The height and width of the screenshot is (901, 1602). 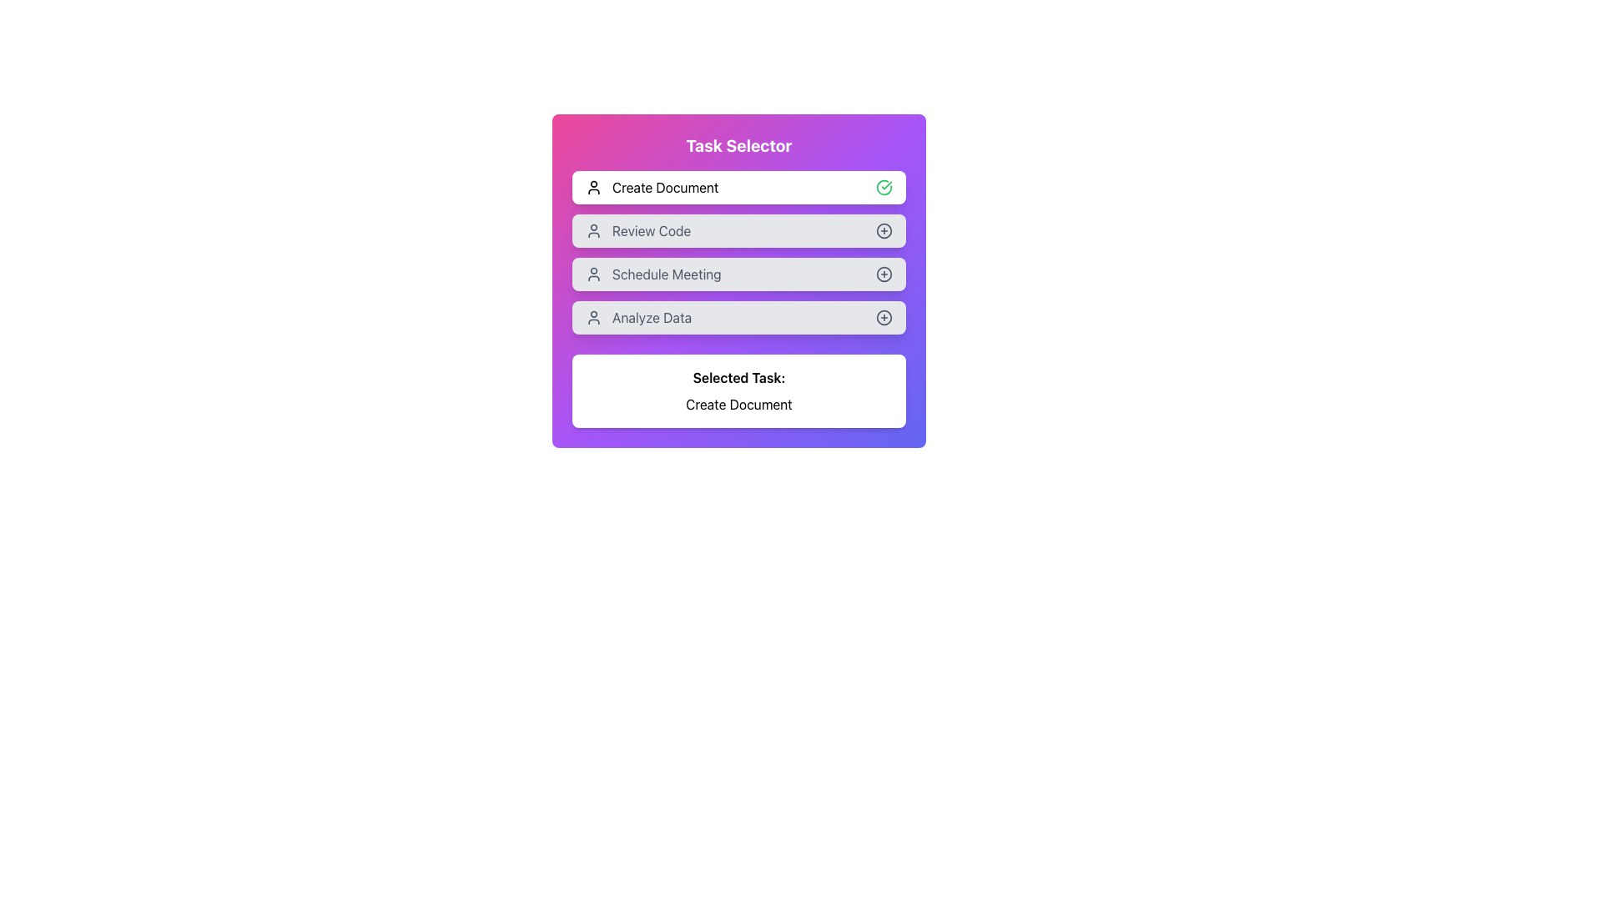 What do you see at coordinates (884, 187) in the screenshot?
I see `the success status icon located to the right of the 'Create Document' button in the task selector box to visually confirm the action has been completed` at bounding box center [884, 187].